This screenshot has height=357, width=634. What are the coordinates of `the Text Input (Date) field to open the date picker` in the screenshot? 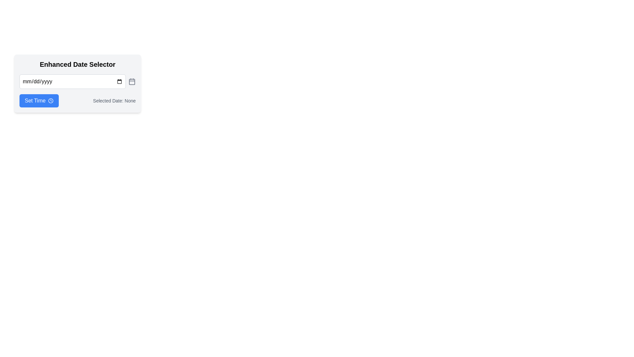 It's located at (73, 81).